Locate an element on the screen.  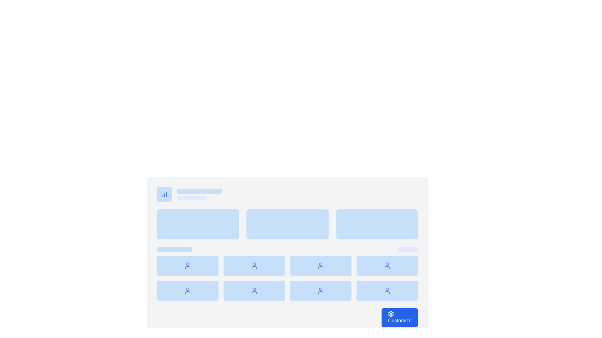
the SVG-based graphical icon that serves as a visual summary or indicator related to data trends or analysis, located in the top-left corner of the interface is located at coordinates (164, 194).